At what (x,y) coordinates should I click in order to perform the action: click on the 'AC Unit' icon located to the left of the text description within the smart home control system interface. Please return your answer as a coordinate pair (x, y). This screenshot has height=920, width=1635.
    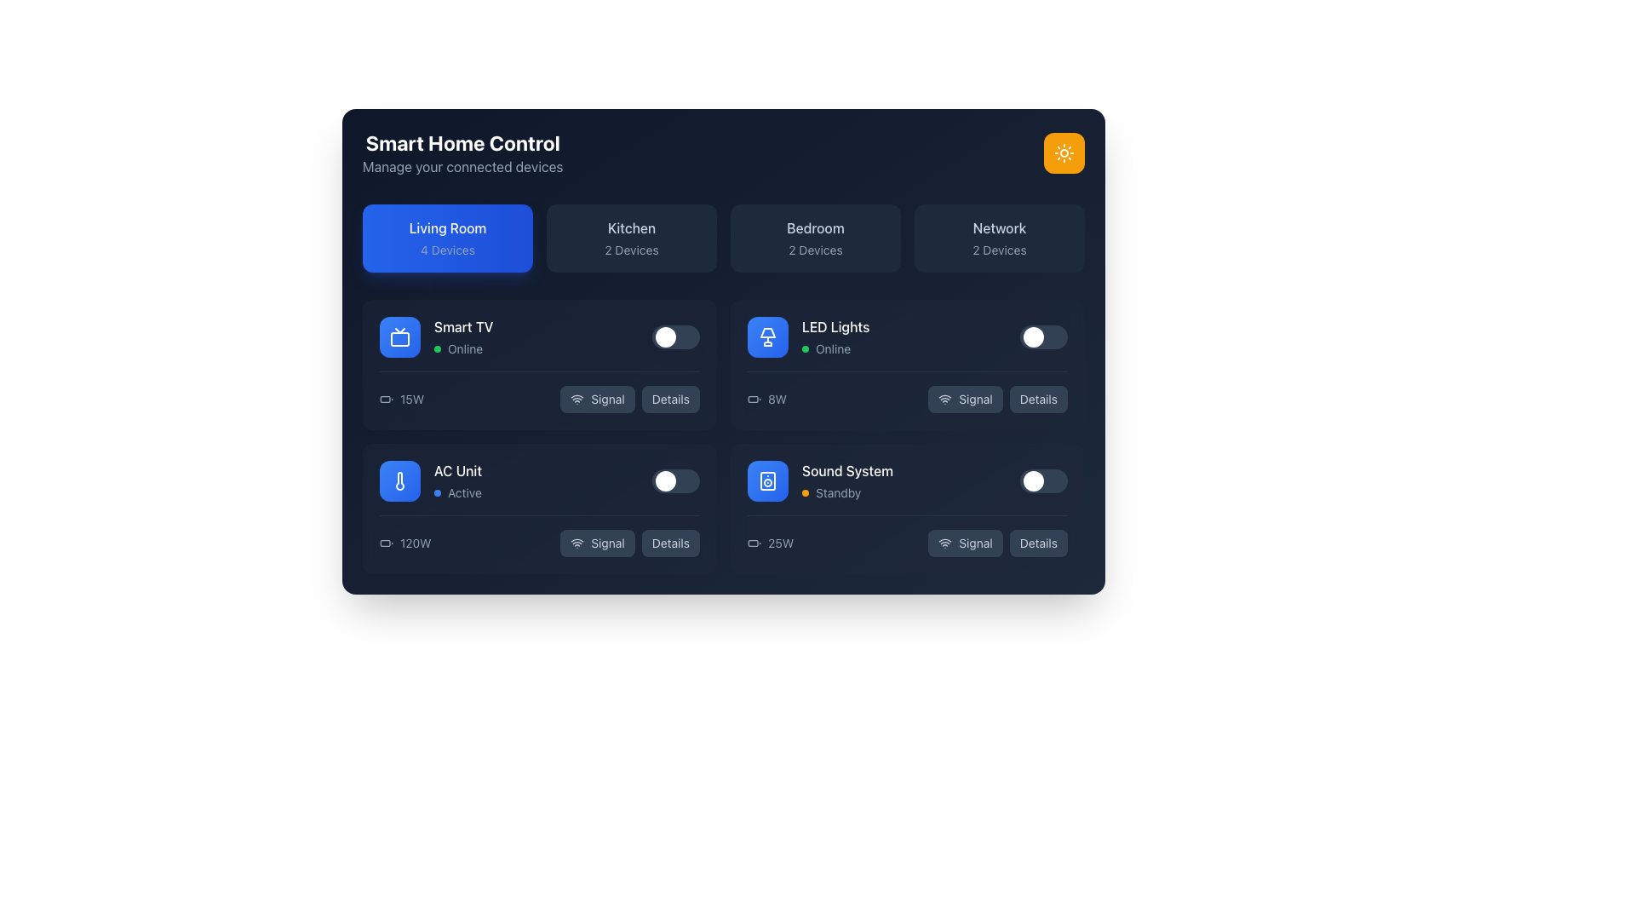
    Looking at the image, I should click on (399, 480).